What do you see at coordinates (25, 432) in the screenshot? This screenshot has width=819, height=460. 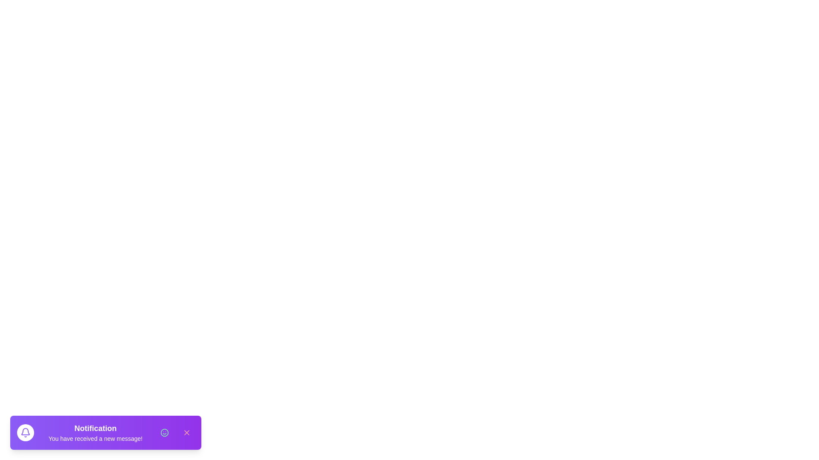 I see `the bell icon to observe its state indicating a new message` at bounding box center [25, 432].